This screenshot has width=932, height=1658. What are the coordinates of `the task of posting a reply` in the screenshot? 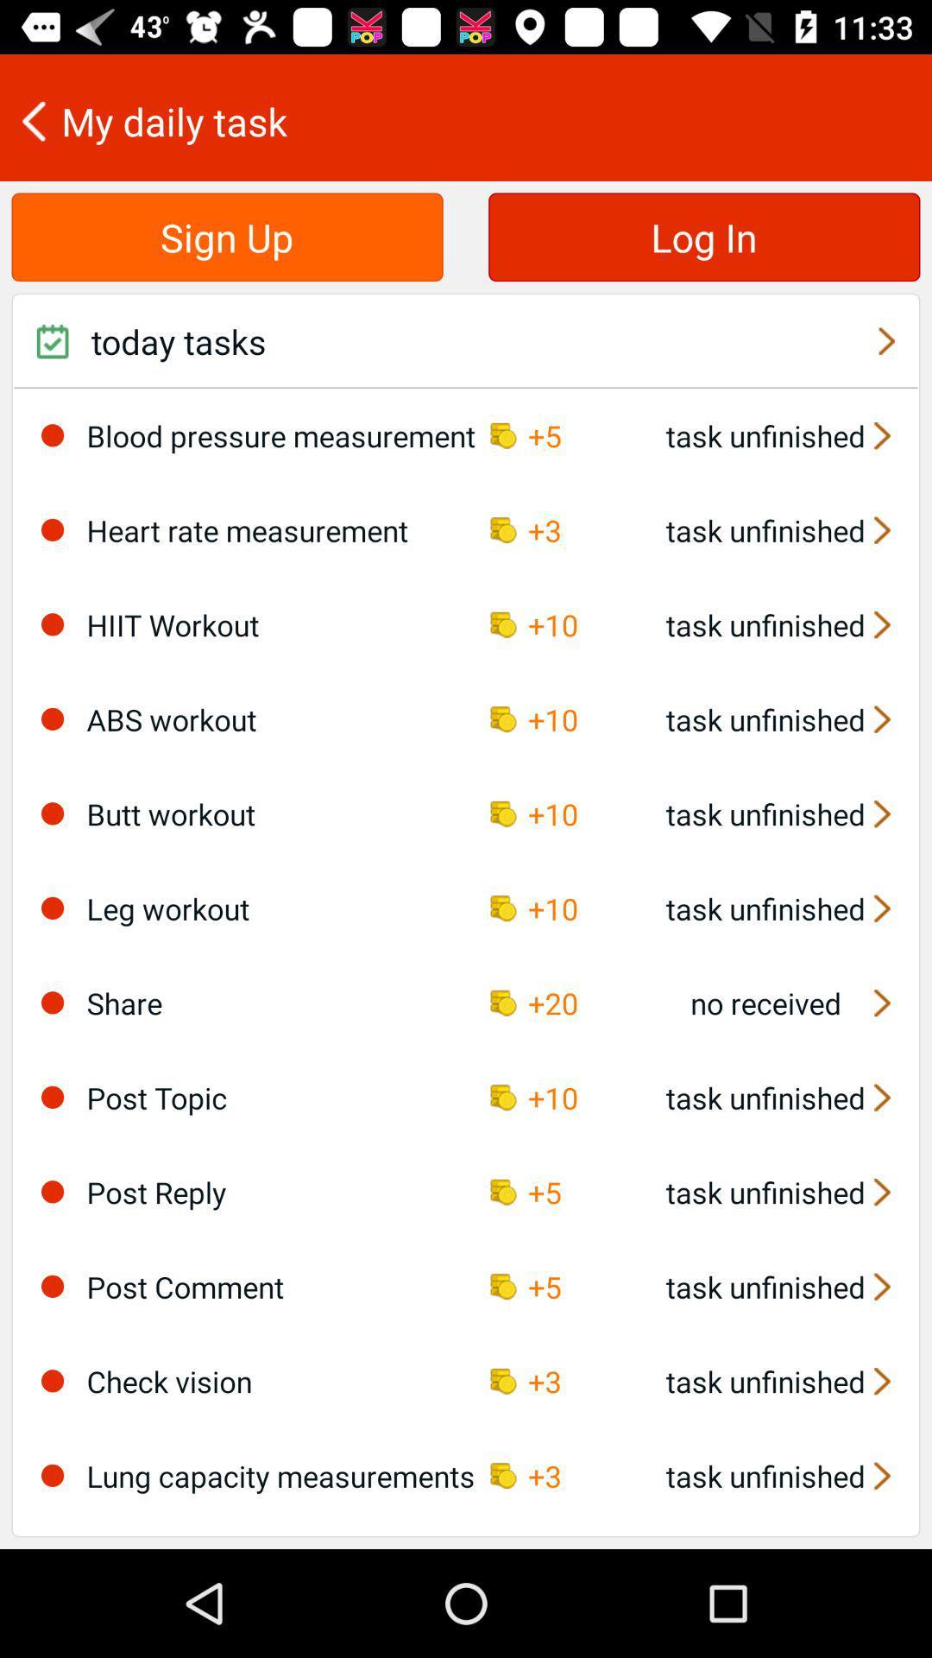 It's located at (52, 1191).